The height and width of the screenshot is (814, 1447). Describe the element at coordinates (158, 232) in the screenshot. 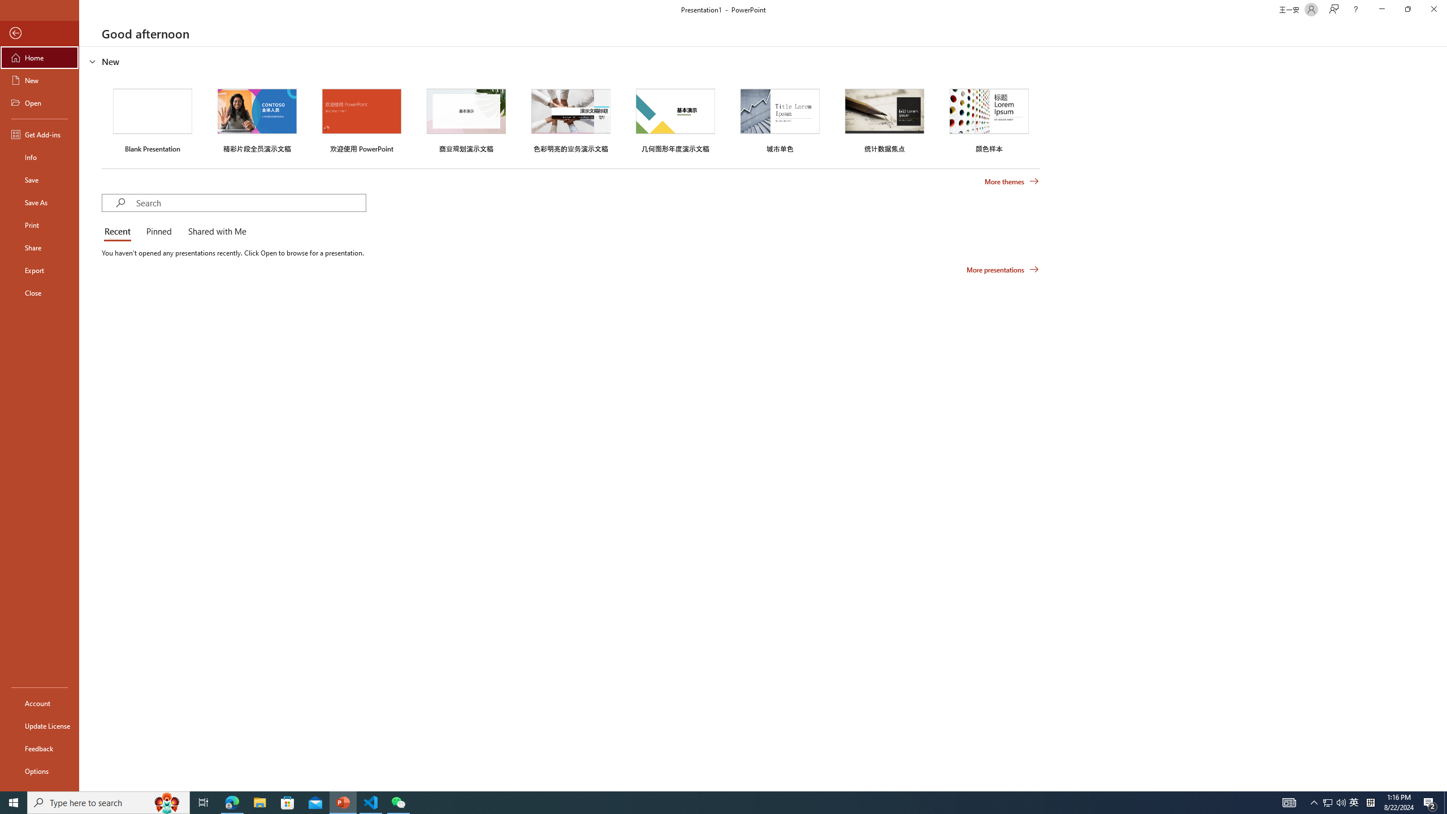

I see `'Pinned'` at that location.